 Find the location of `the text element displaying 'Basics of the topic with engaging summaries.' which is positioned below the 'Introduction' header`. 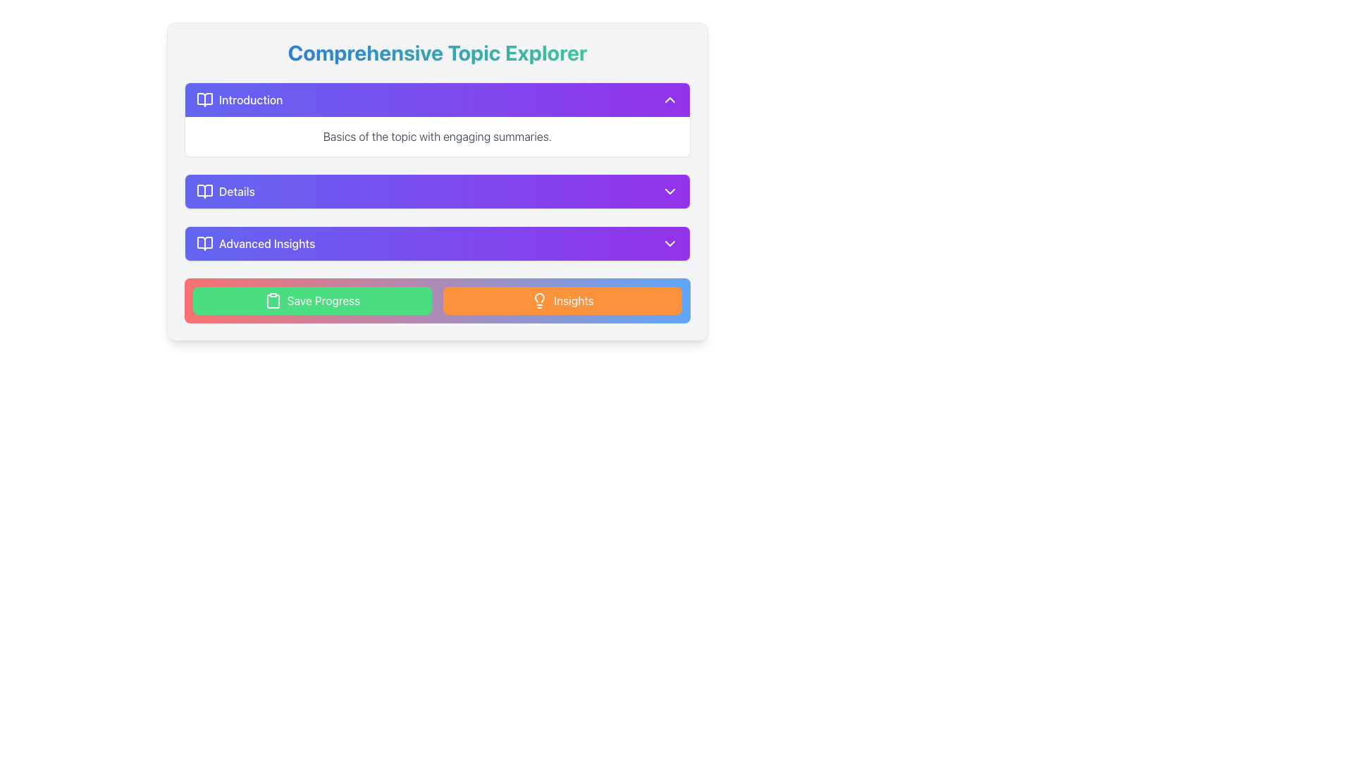

the text element displaying 'Basics of the topic with engaging summaries.' which is positioned below the 'Introduction' header is located at coordinates (436, 136).